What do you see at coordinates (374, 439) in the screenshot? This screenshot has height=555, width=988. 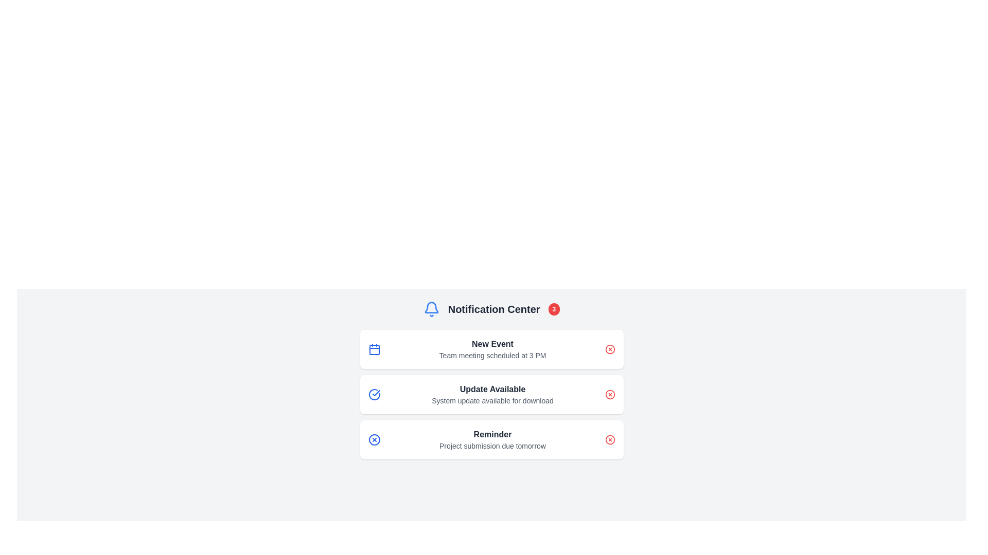 I see `the small blue circular icon with an 'X' pattern, which indicates a close or delete action, located at the top-left corner of the 'Reminder' notification card` at bounding box center [374, 439].